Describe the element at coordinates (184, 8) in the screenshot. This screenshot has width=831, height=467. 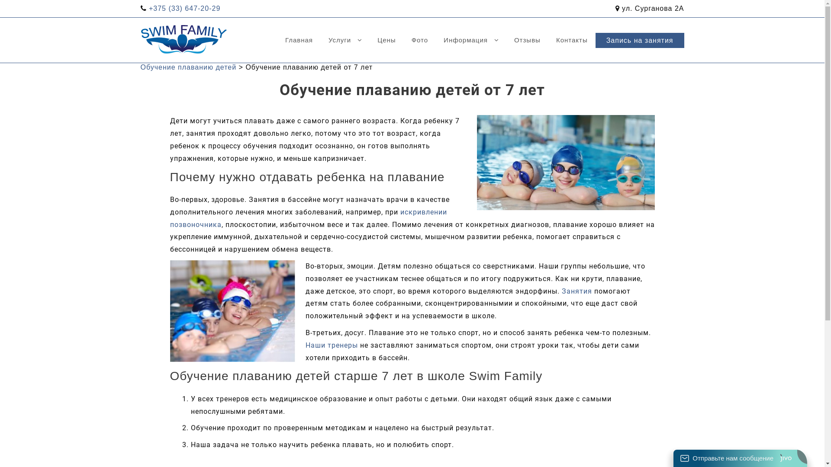
I see `'+375 (33) 647-20-29'` at that location.